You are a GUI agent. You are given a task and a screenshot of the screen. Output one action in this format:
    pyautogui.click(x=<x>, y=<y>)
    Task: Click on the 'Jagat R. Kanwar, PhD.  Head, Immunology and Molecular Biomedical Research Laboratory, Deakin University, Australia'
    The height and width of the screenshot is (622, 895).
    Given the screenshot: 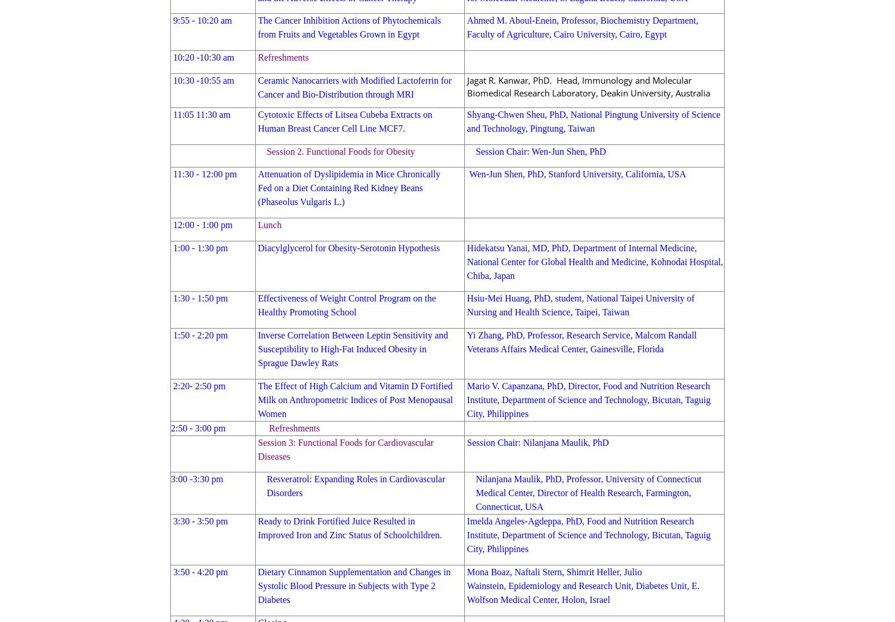 What is the action you would take?
    pyautogui.click(x=588, y=85)
    